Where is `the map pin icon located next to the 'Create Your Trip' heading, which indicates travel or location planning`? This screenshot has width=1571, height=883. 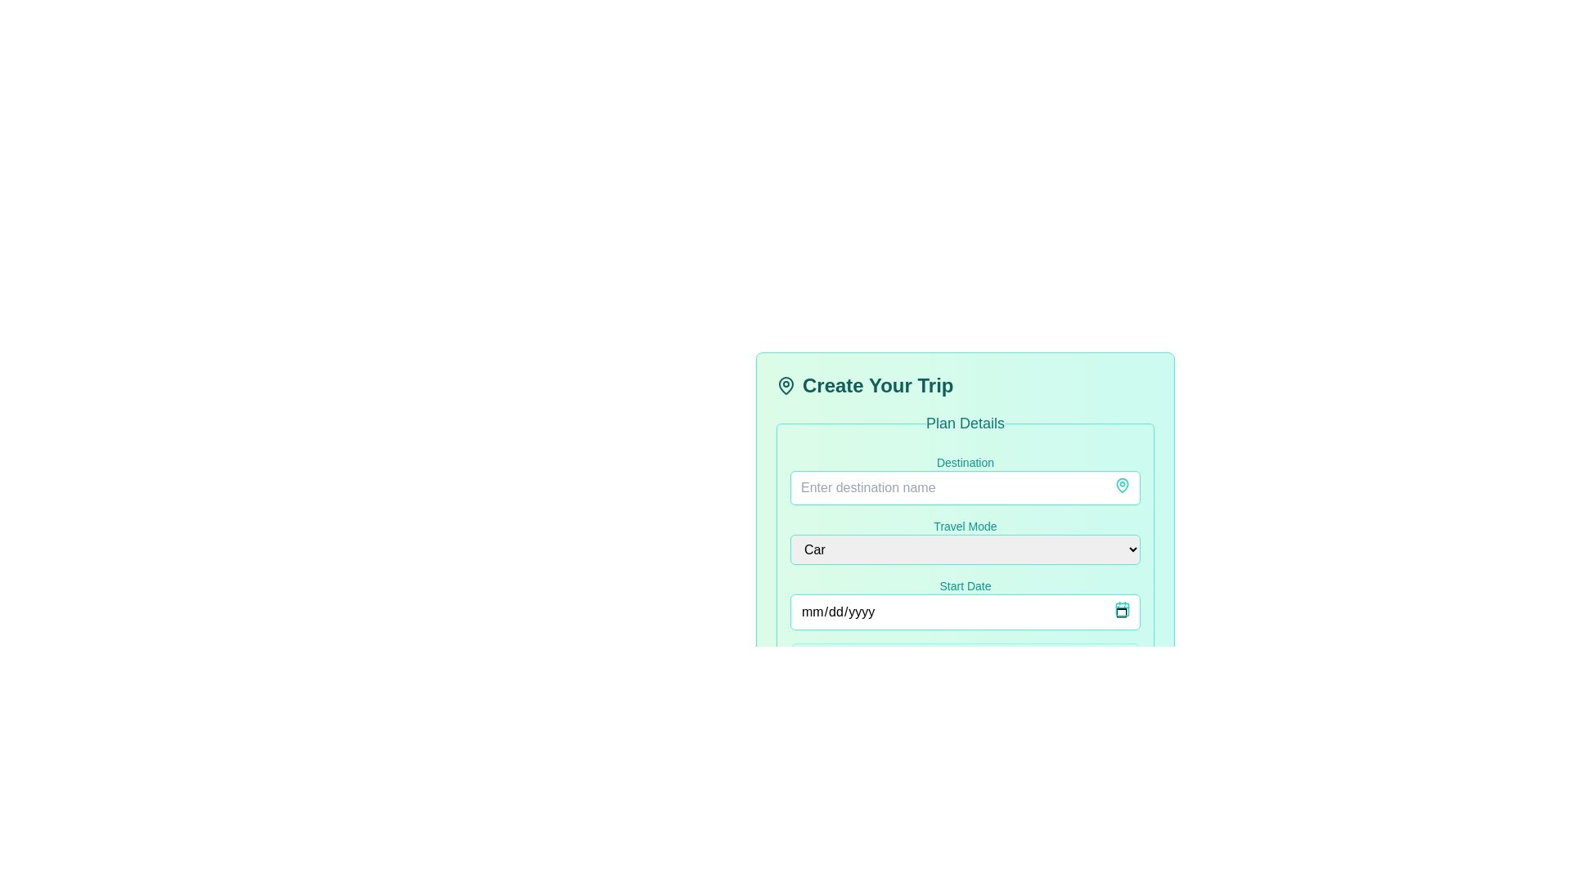
the map pin icon located next to the 'Create Your Trip' heading, which indicates travel or location planning is located at coordinates (1122, 484).